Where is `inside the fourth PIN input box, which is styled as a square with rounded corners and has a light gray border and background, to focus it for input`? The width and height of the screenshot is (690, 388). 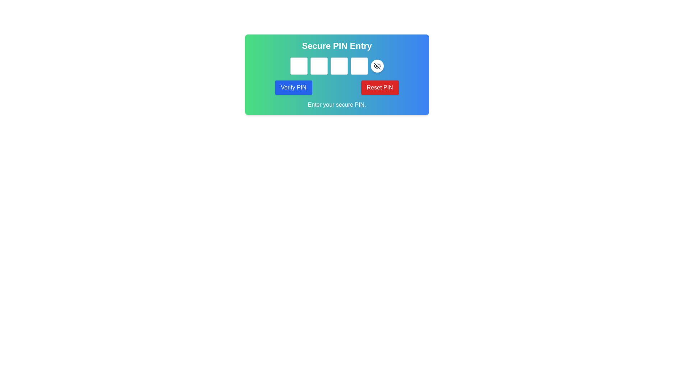
inside the fourth PIN input box, which is styled as a square with rounded corners and has a light gray border and background, to focus it for input is located at coordinates (359, 66).